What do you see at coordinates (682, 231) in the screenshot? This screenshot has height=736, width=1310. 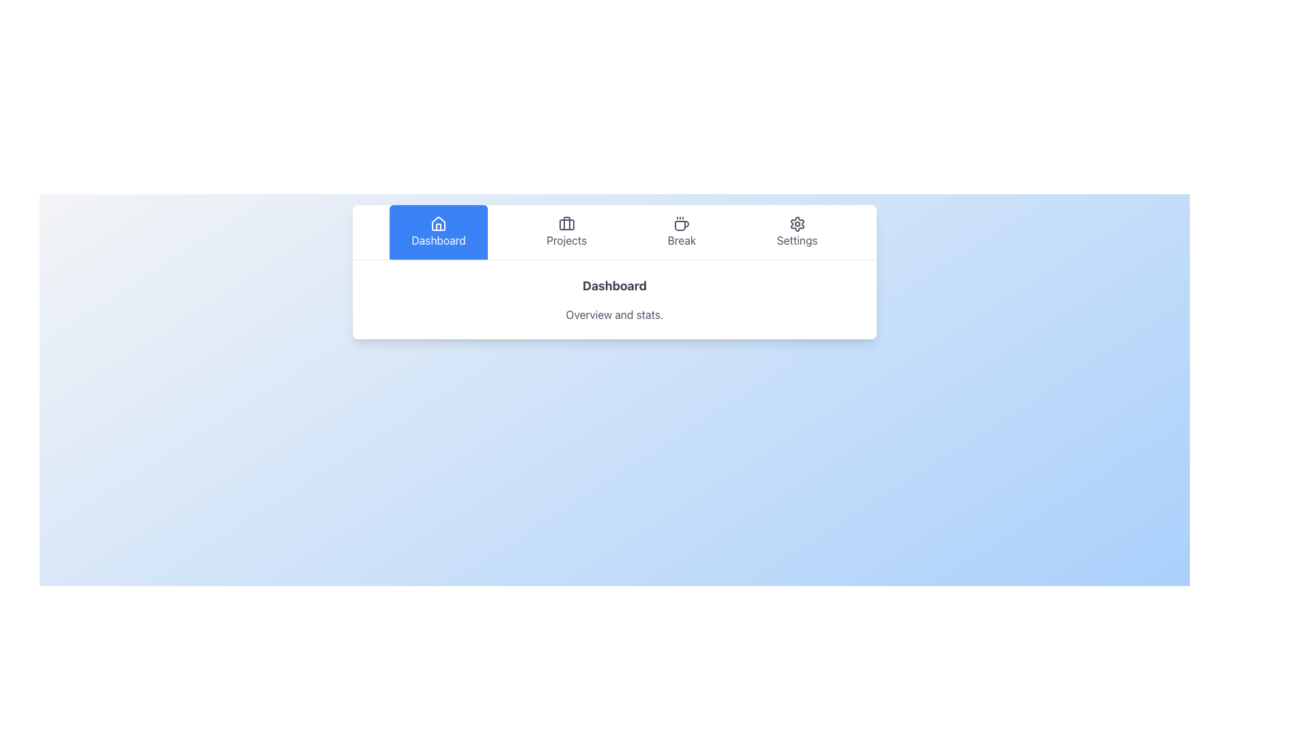 I see `the navigation button that is the third item from the left in a row of options, which leads to features related to breaks` at bounding box center [682, 231].